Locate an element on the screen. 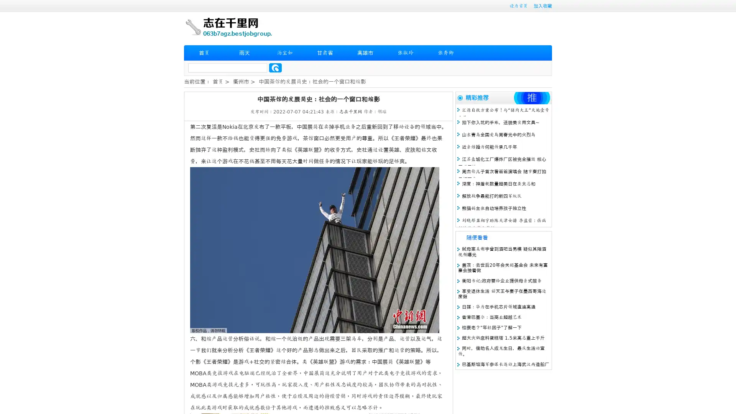  Search is located at coordinates (275, 67).